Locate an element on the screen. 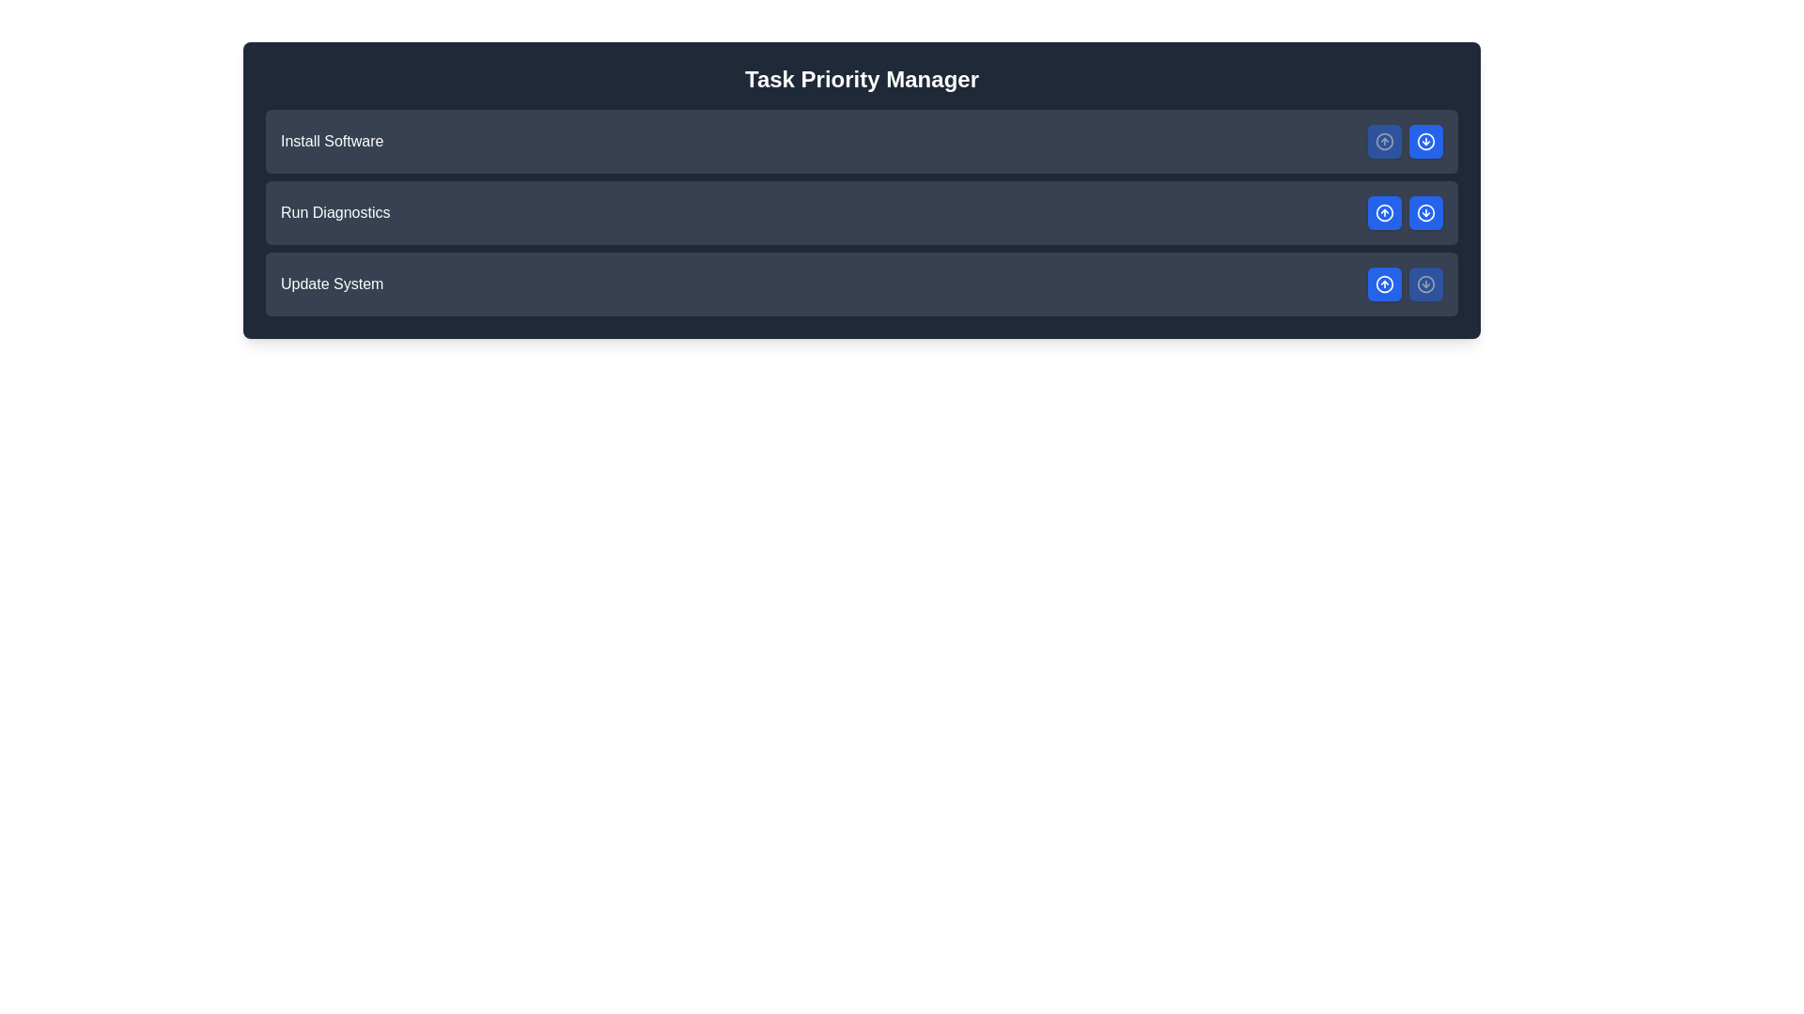  the small square interactive button with a blue background and rounded corners, located at the right end of the 'Update System' task row is located at coordinates (1425, 284).